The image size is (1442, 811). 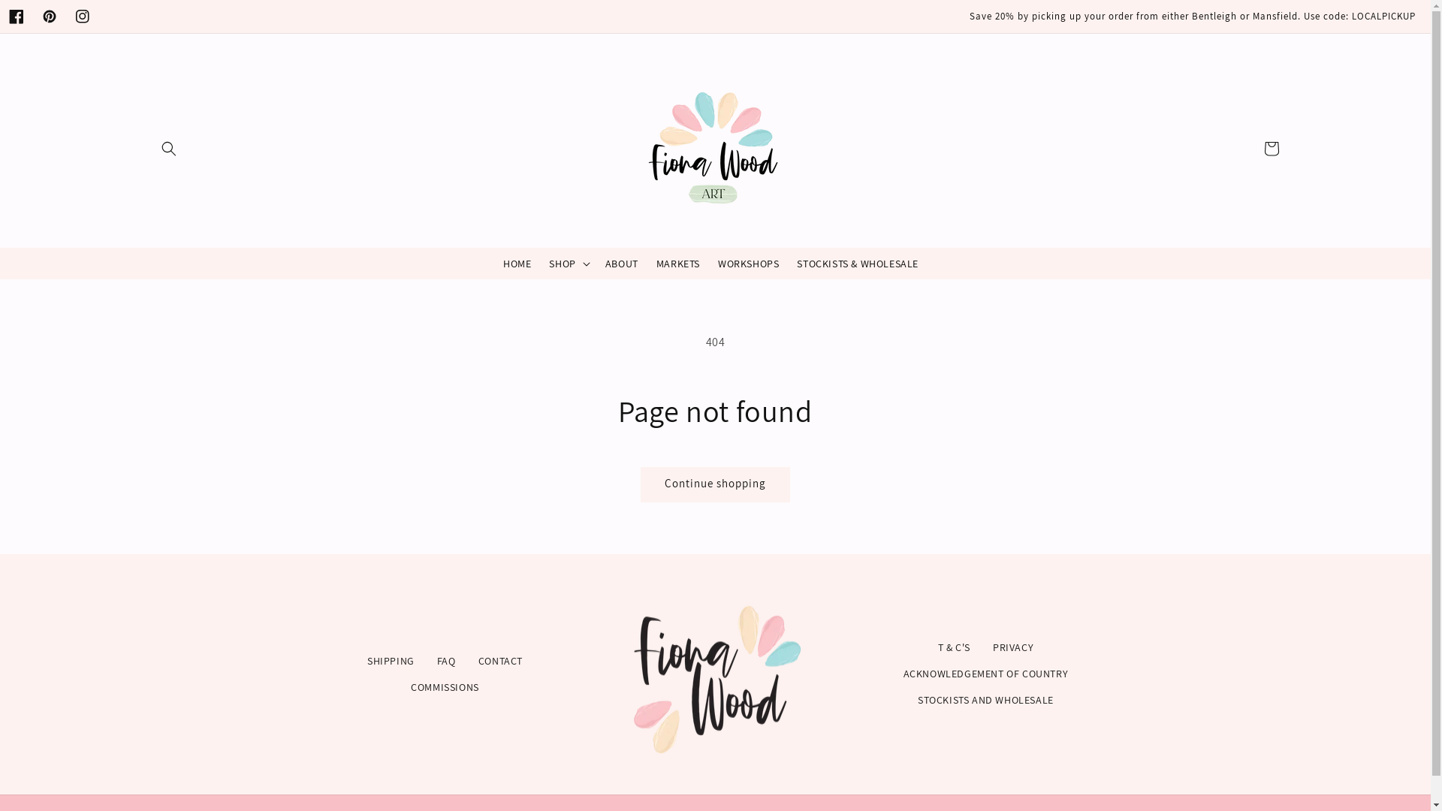 What do you see at coordinates (50, 17) in the screenshot?
I see `'Pinterest'` at bounding box center [50, 17].